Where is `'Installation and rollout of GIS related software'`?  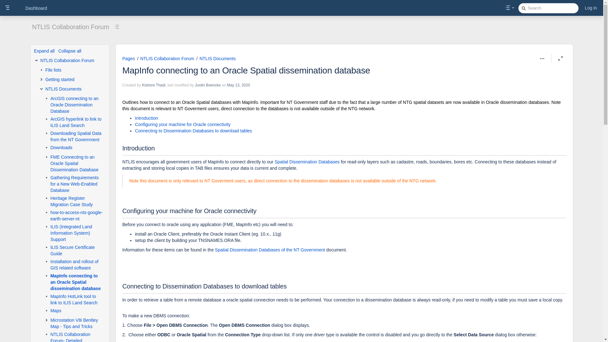 'Installation and rollout of GIS related software' is located at coordinates (76, 265).